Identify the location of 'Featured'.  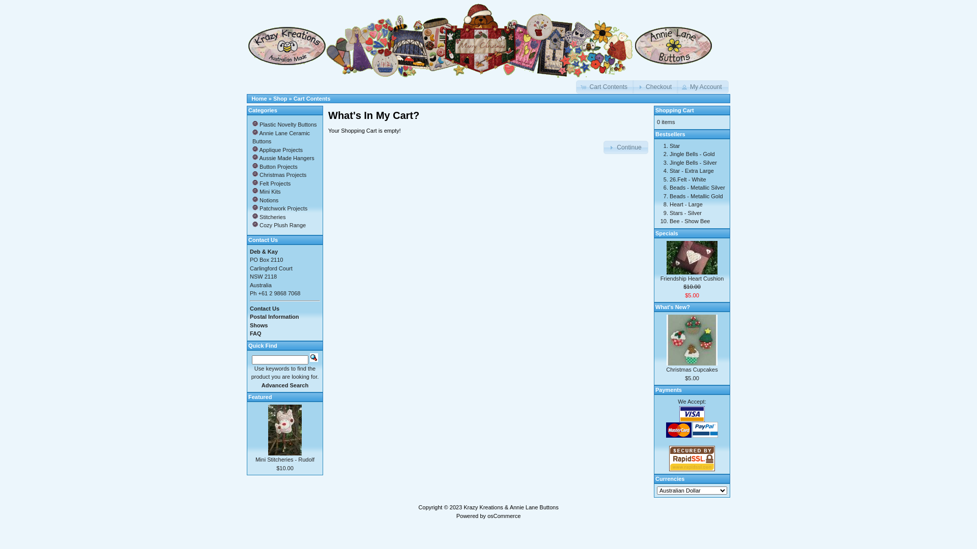
(248, 396).